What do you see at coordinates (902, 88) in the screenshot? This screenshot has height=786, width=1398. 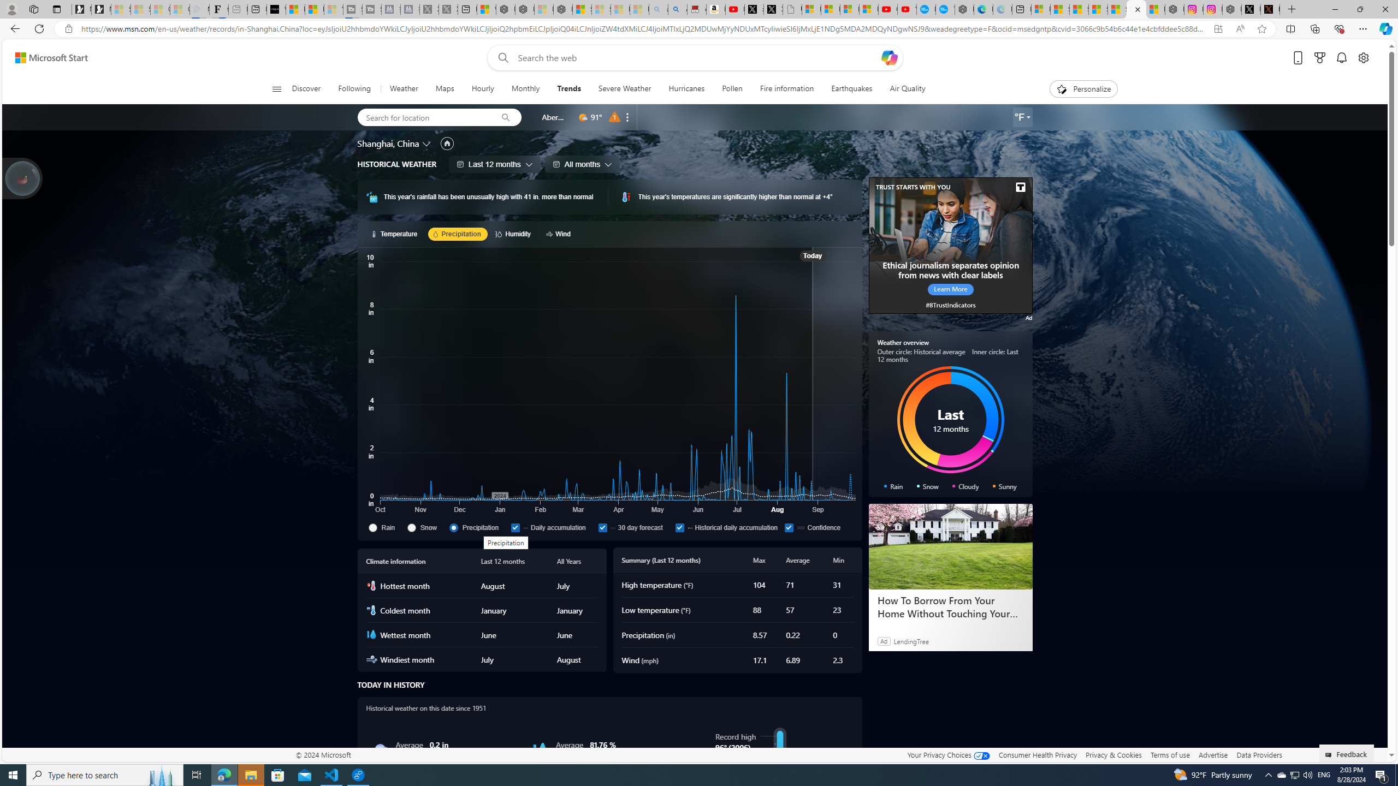 I see `'Air Quality'` at bounding box center [902, 88].